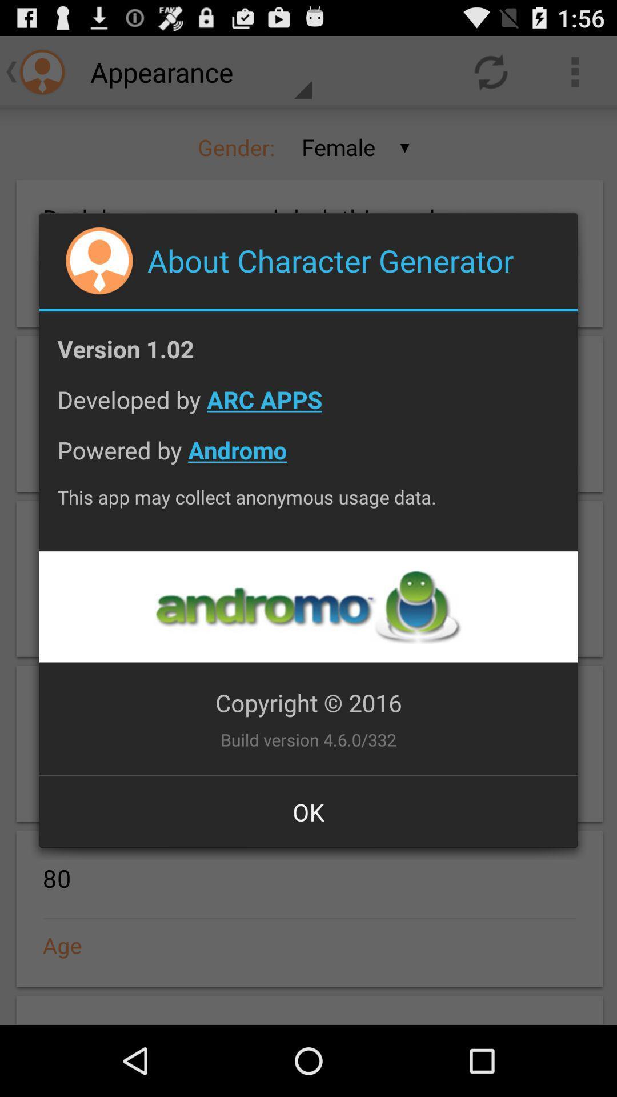  Describe the element at coordinates (307, 606) in the screenshot. I see `andromo website` at that location.